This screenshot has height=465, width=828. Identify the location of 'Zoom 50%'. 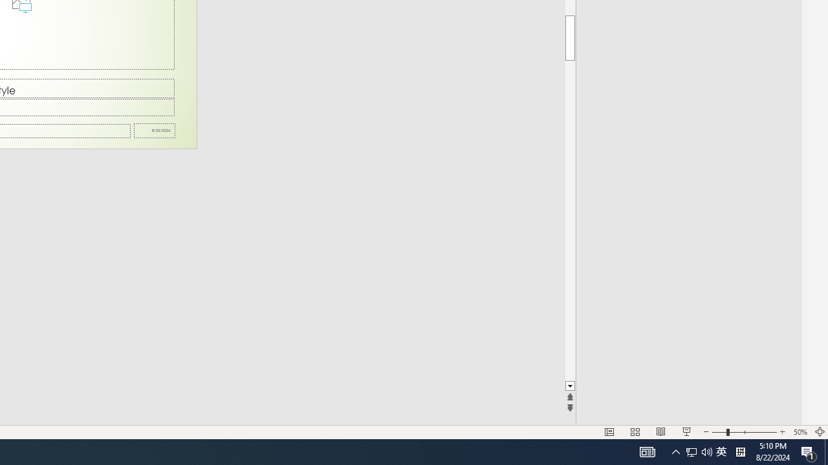
(800, 432).